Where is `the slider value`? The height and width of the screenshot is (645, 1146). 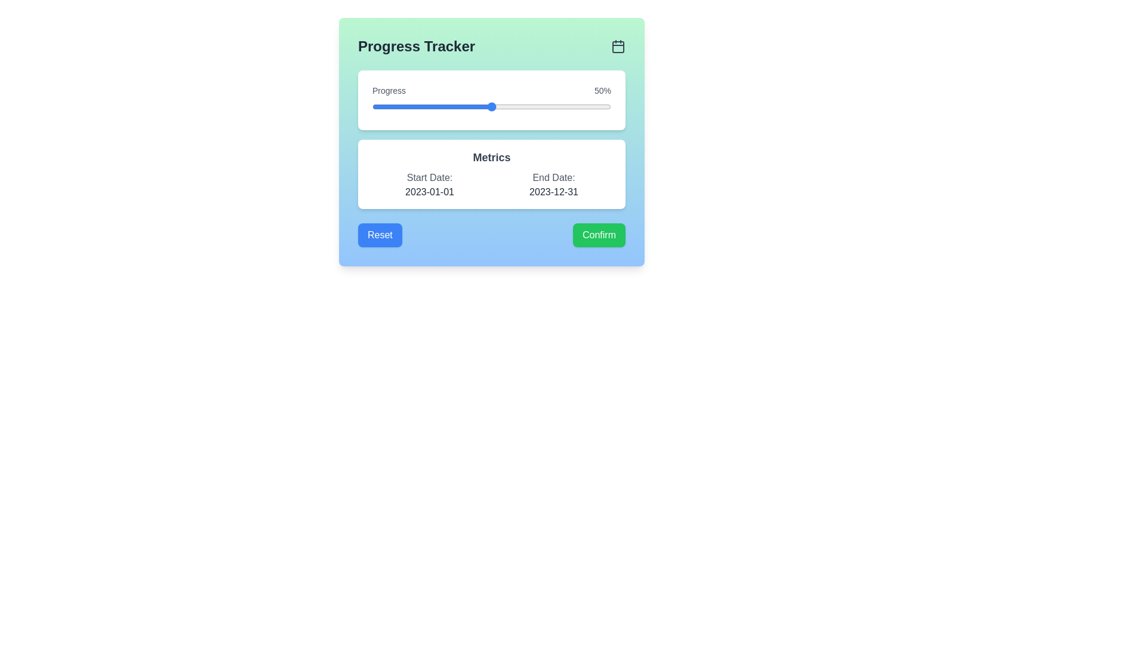 the slider value is located at coordinates (590, 106).